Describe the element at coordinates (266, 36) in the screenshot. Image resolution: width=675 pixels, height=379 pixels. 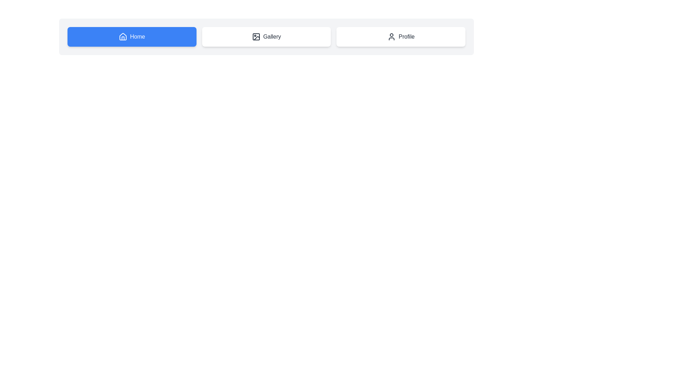
I see `the Gallery button to observe its hover effect` at that location.